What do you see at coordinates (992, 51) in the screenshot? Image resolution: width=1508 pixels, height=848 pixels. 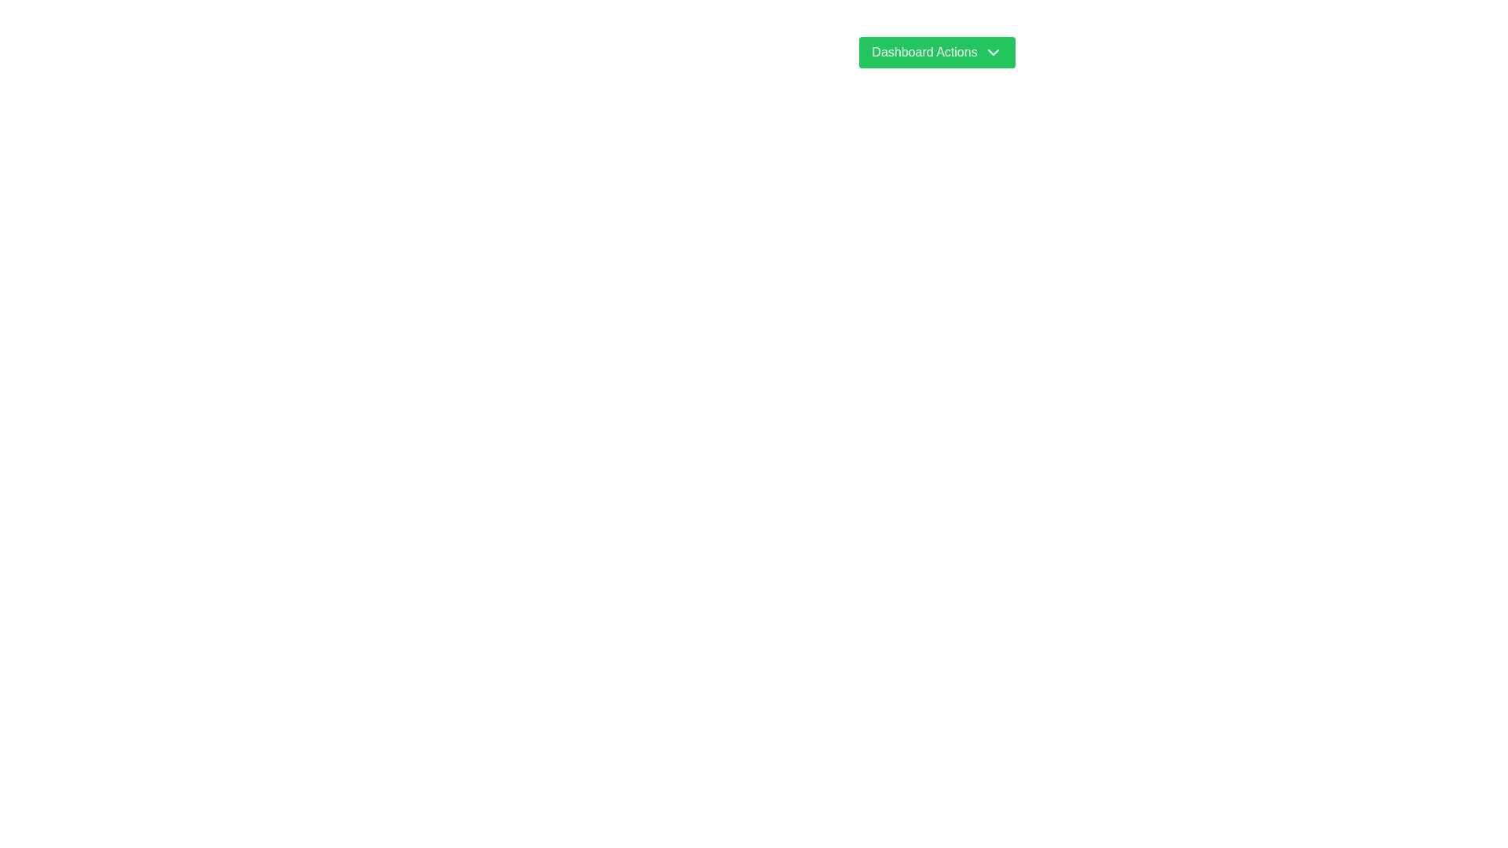 I see `the downward-facing chevron icon located at the far-right edge of the 'Dashboard Actions' button` at bounding box center [992, 51].